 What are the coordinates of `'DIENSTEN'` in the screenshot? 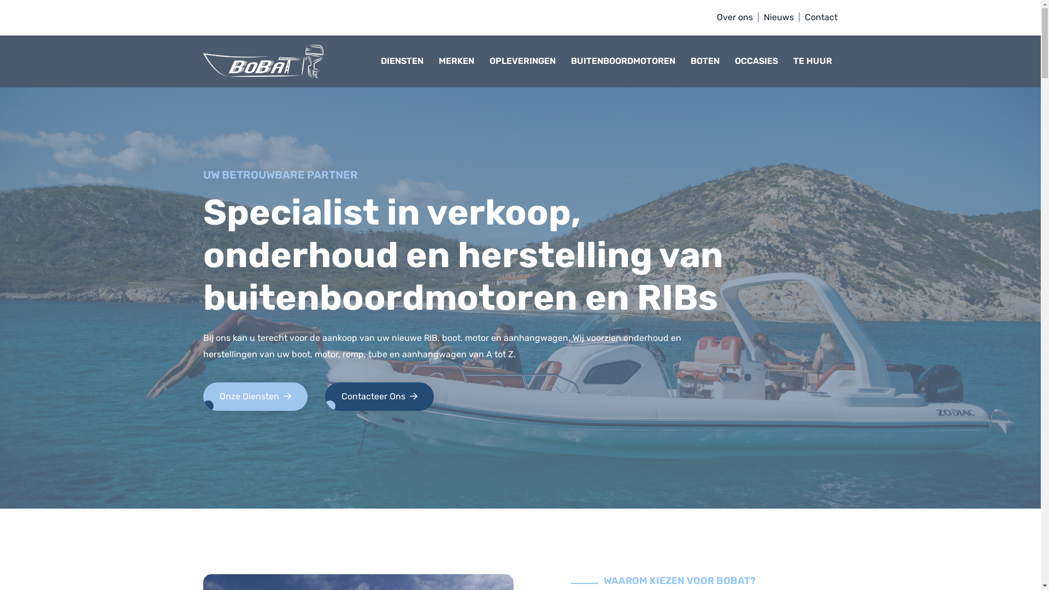 It's located at (404, 61).